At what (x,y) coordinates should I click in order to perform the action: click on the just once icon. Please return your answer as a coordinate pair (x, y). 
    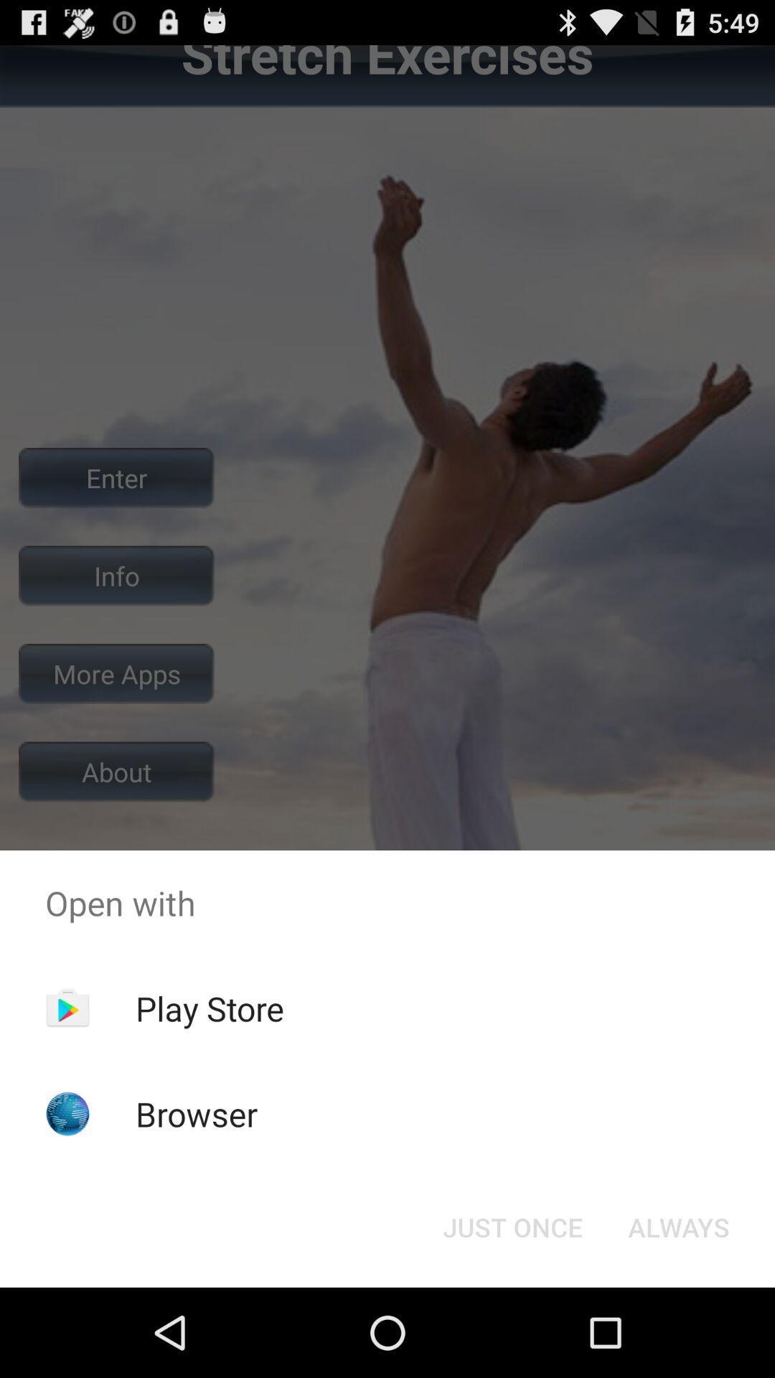
    Looking at the image, I should click on (512, 1226).